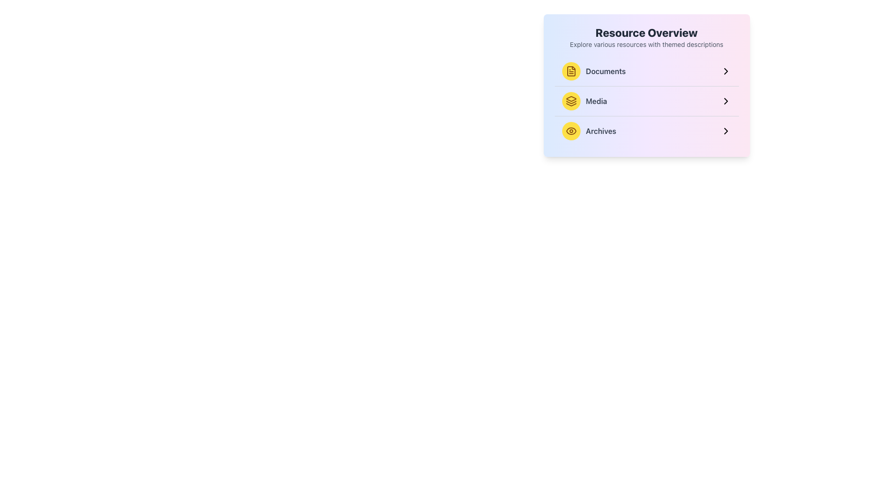 The image size is (884, 497). Describe the element at coordinates (570, 131) in the screenshot. I see `the eye icon with a circular yellow background located next to the label 'Archives' in the 'Resource Overview' panel` at that location.